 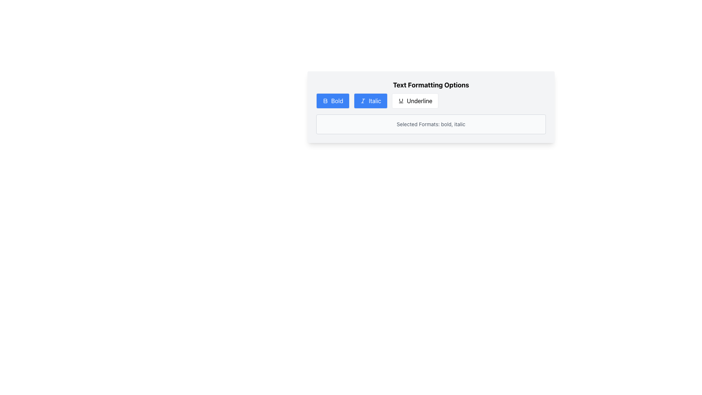 I want to click on the 'Underline' button in the text formatting options group to apply underline formatting to the selected text, so click(x=431, y=101).